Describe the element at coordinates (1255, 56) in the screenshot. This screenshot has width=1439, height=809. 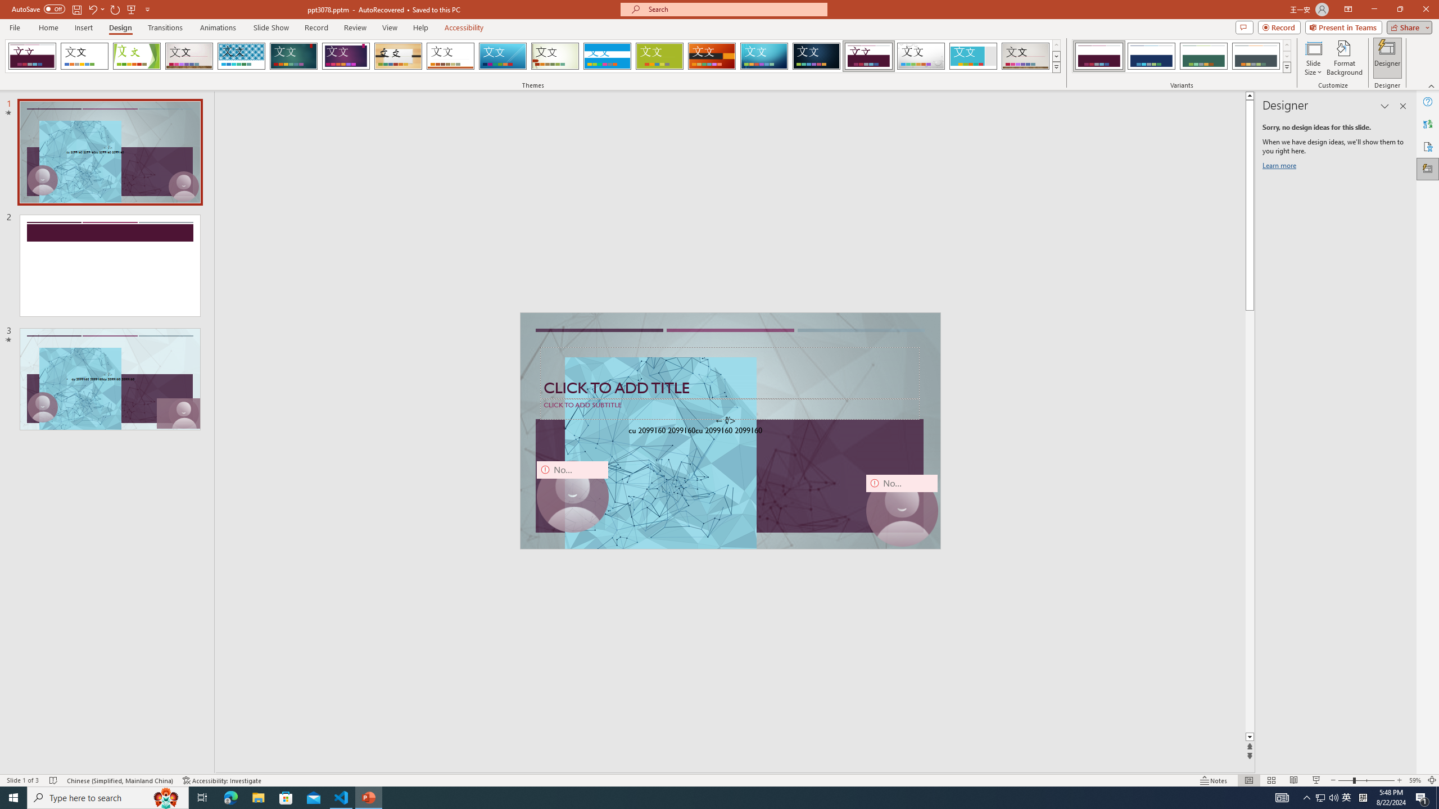
I see `'Dividend Variant 4'` at that location.